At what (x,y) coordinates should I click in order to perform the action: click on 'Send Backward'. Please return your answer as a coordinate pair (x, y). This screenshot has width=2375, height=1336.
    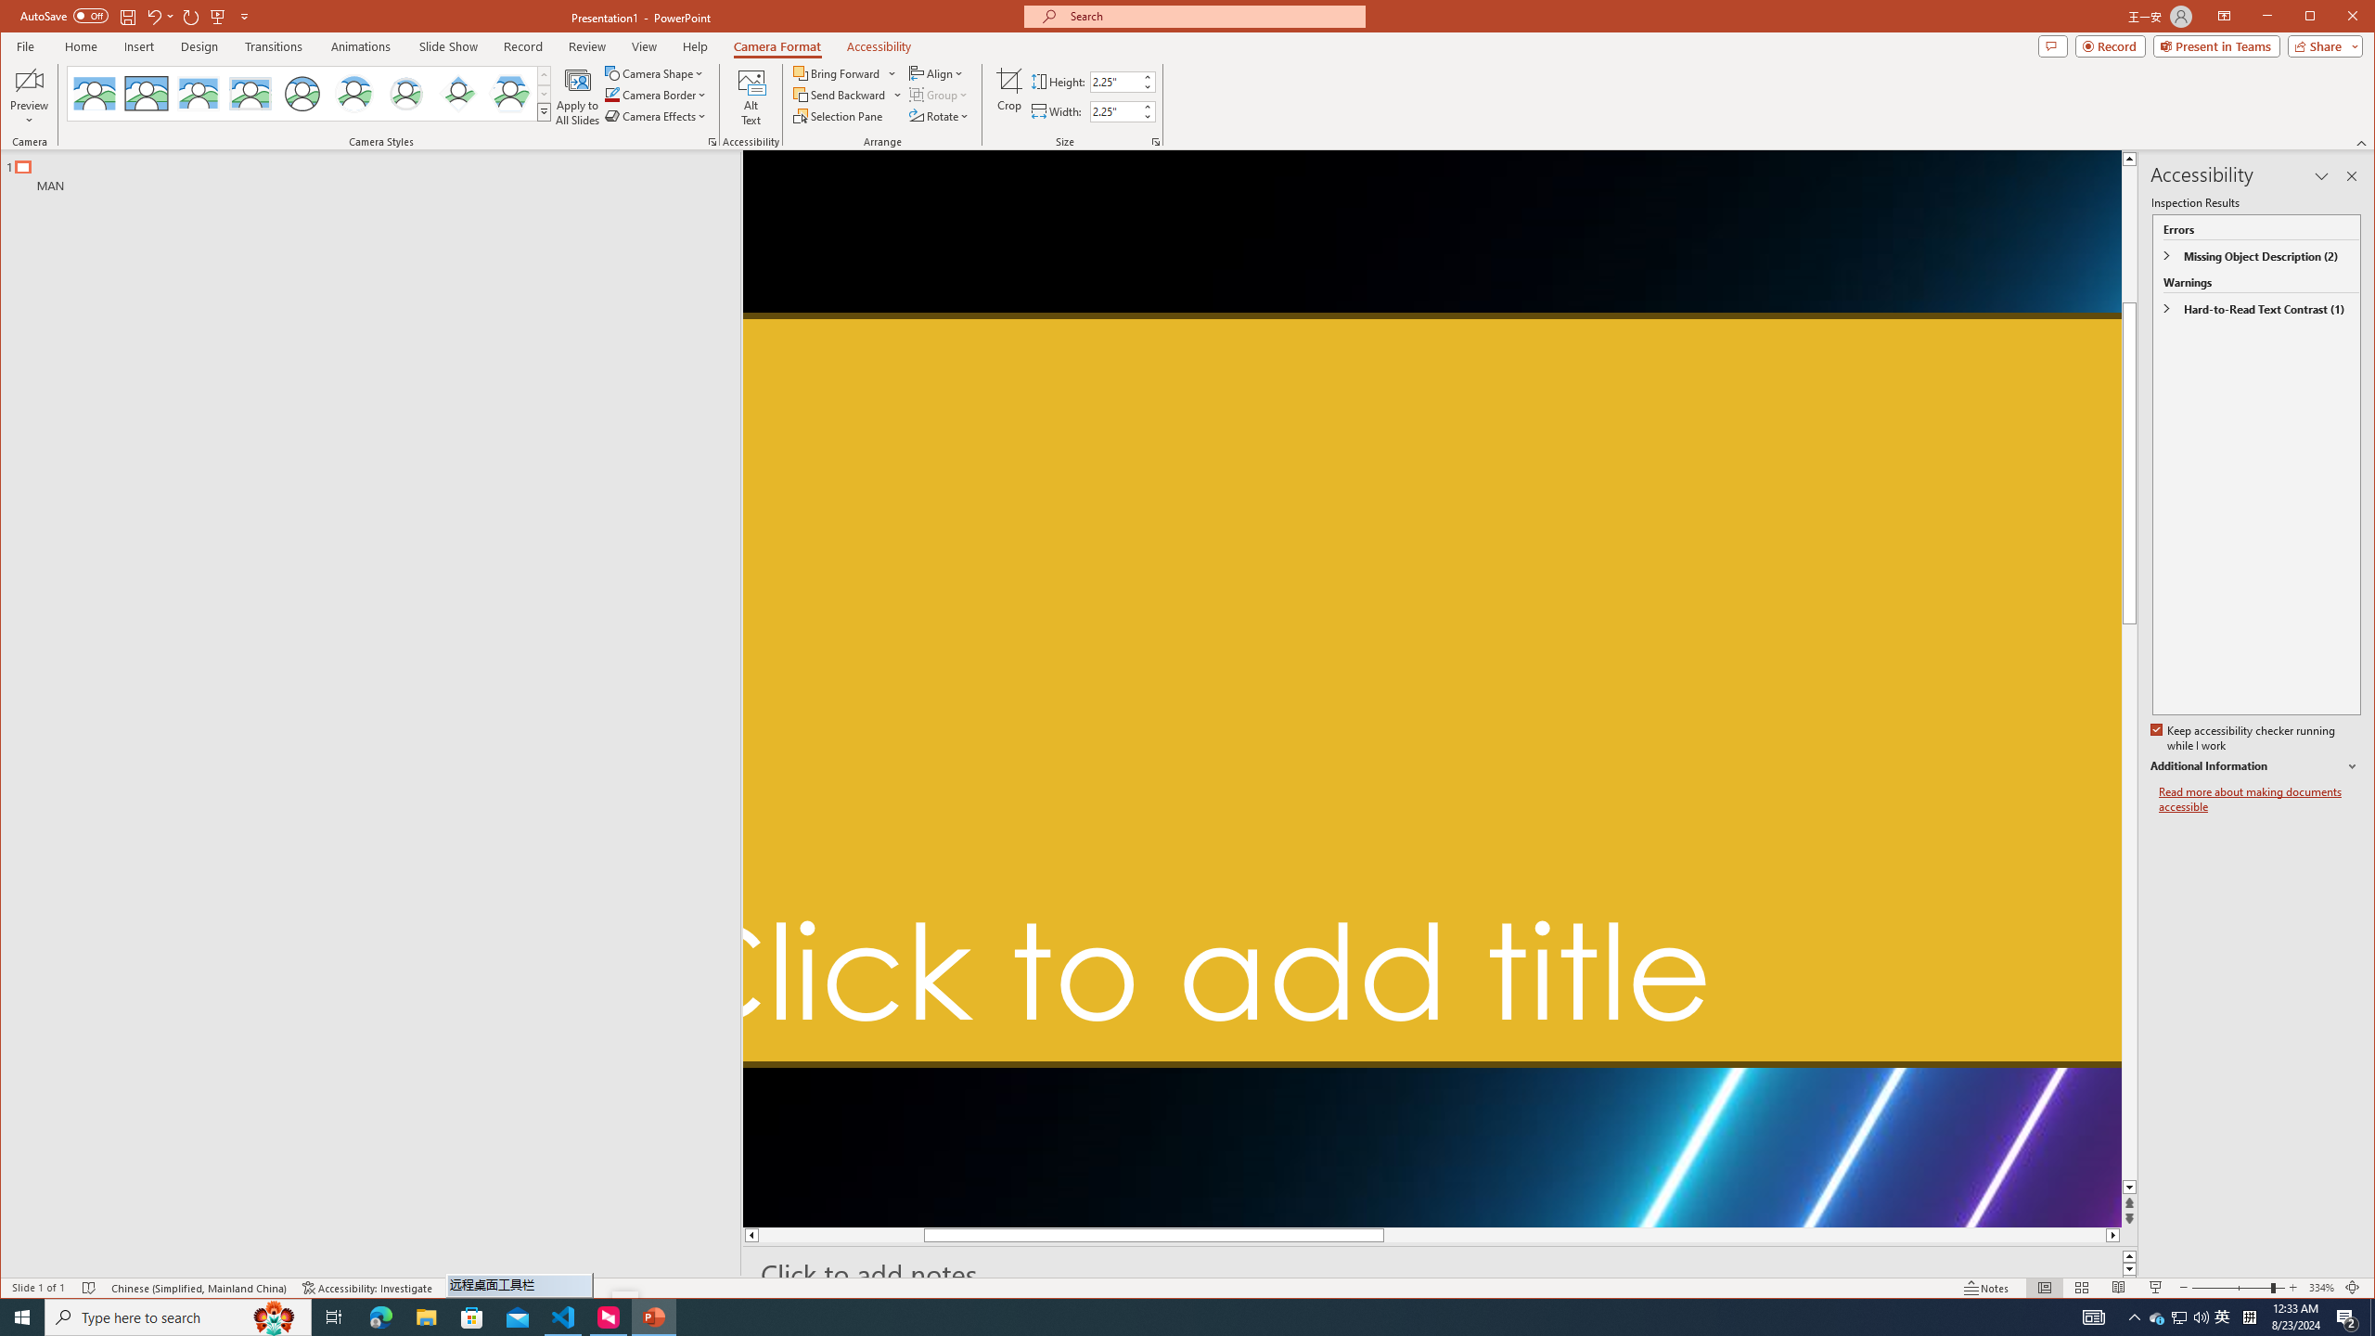
    Looking at the image, I should click on (848, 95).